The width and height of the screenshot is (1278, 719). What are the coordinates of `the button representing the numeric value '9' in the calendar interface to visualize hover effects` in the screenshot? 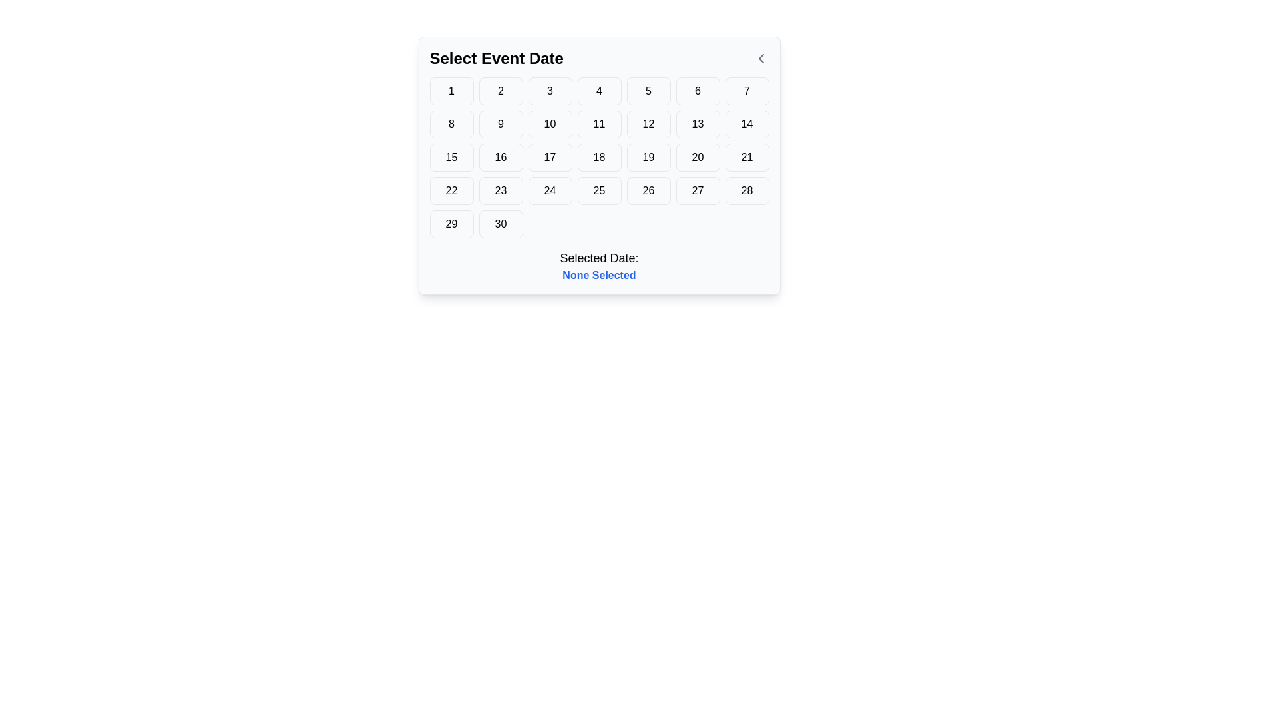 It's located at (500, 124).